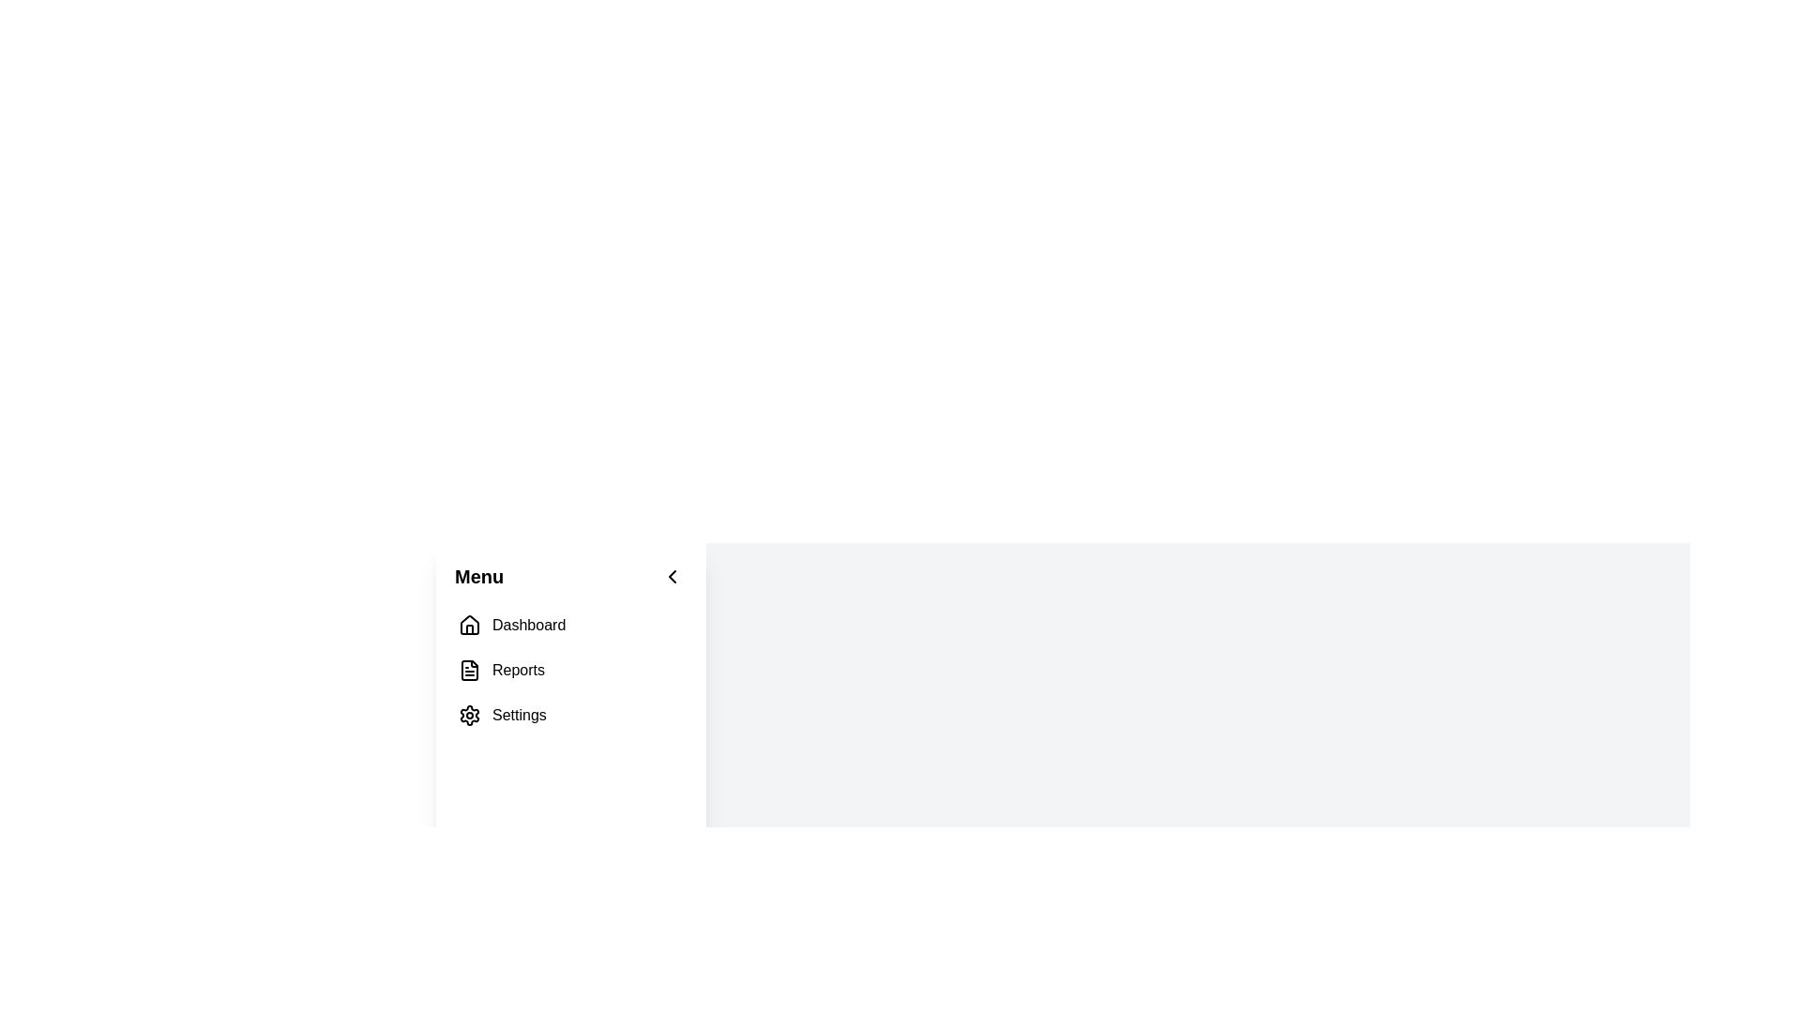  I want to click on the gear icon at the start of the 'Settings' menu item, so click(469, 716).